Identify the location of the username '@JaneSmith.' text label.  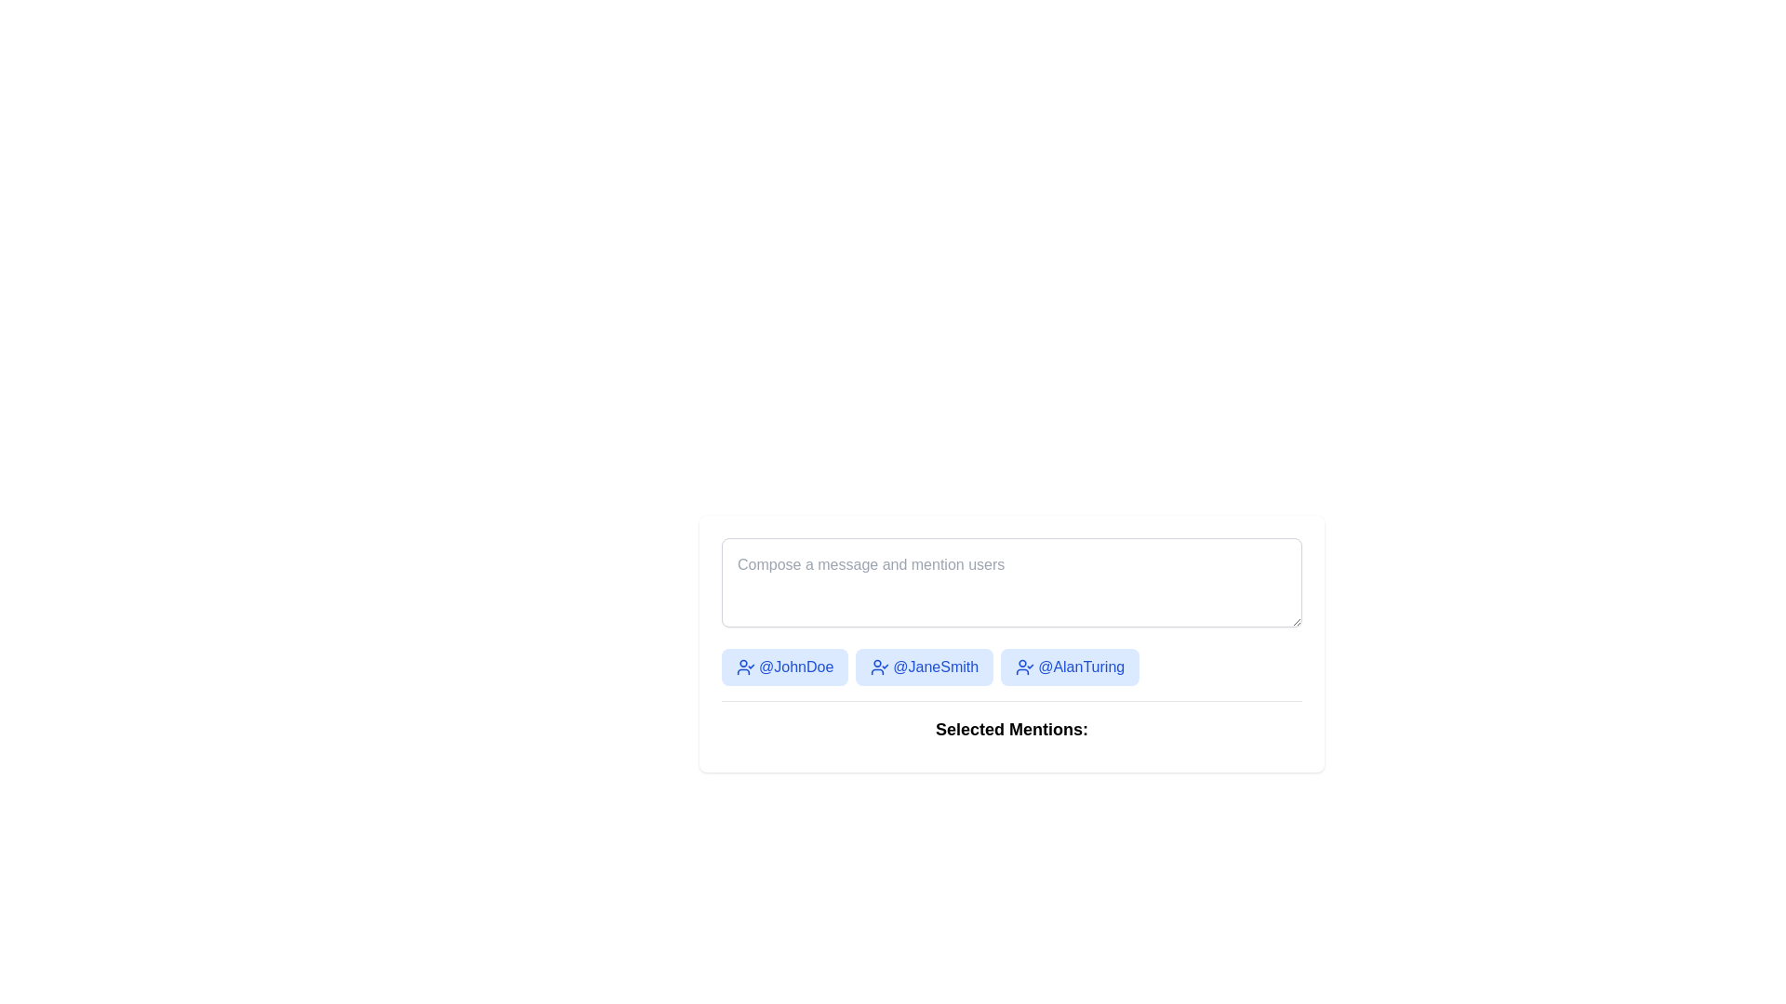
(936, 666).